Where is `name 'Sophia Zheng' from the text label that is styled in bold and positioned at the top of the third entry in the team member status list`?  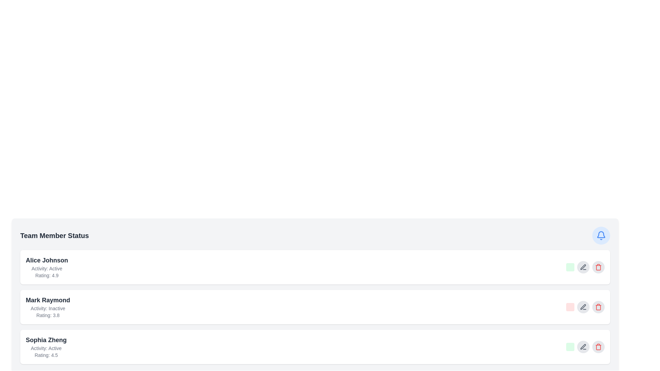
name 'Sophia Zheng' from the text label that is styled in bold and positioned at the top of the third entry in the team member status list is located at coordinates (46, 340).